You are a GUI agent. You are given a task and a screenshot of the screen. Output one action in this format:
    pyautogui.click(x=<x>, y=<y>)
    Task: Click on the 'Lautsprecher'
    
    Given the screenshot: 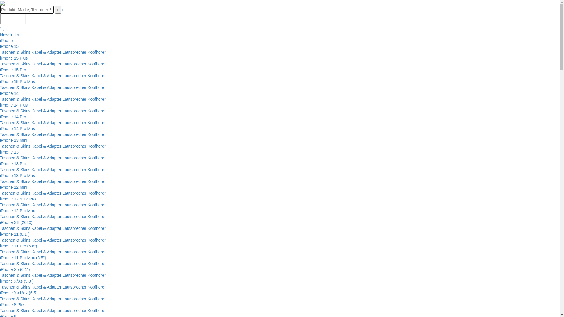 What is the action you would take?
    pyautogui.click(x=74, y=52)
    